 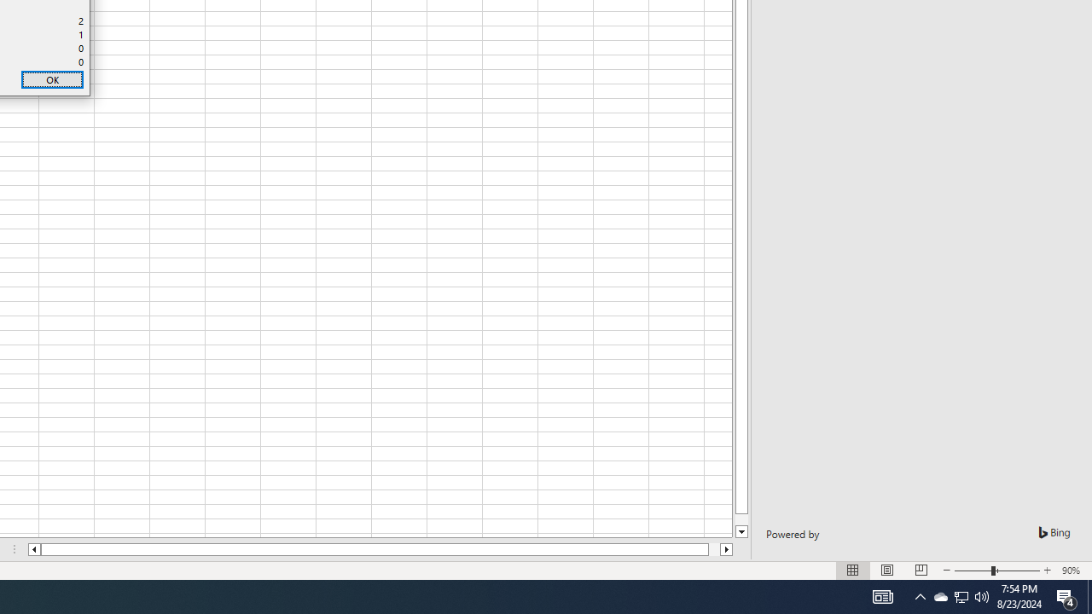 What do you see at coordinates (920, 595) in the screenshot?
I see `'Notification Chevron'` at bounding box center [920, 595].